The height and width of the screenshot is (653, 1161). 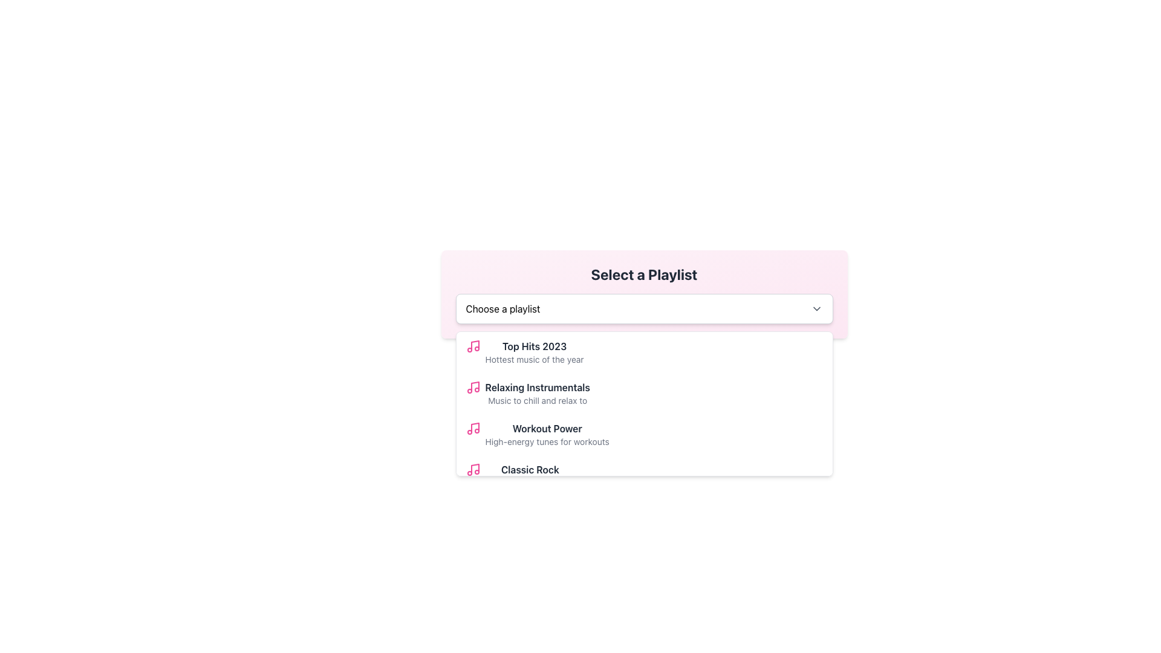 What do you see at coordinates (643, 434) in the screenshot?
I see `on the third item in the playlist selection dropdown menu labeled 'Workout Power'` at bounding box center [643, 434].